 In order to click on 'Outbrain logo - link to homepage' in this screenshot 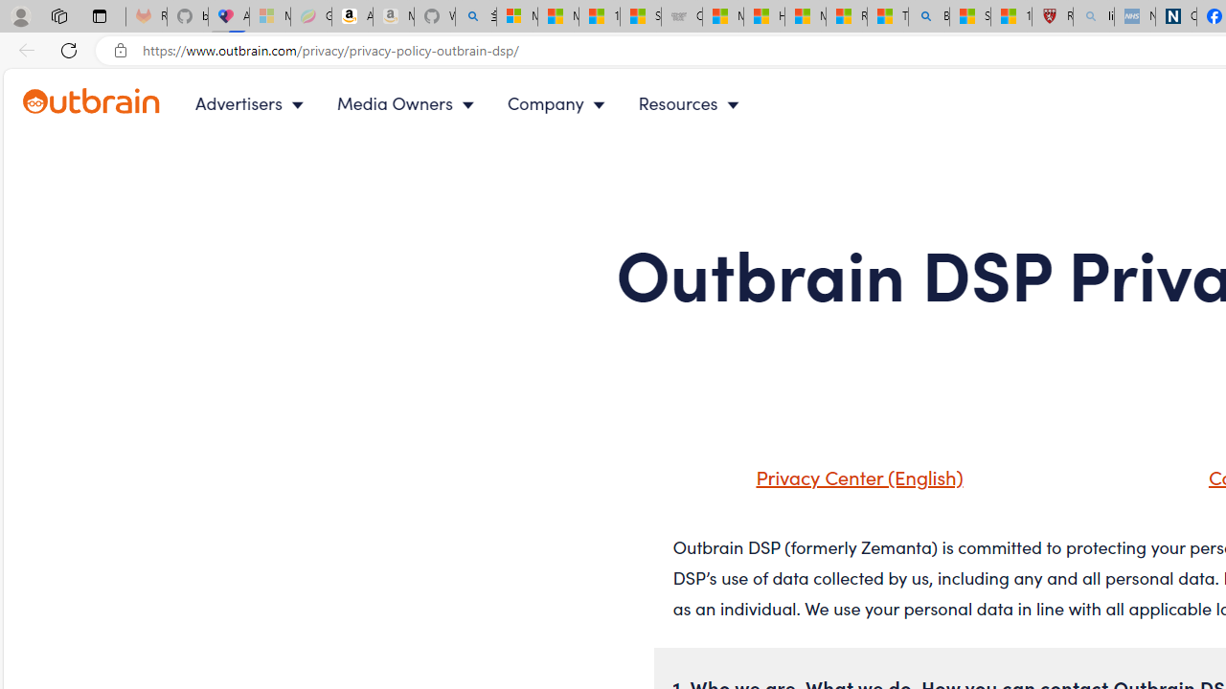, I will do `click(113, 103)`.